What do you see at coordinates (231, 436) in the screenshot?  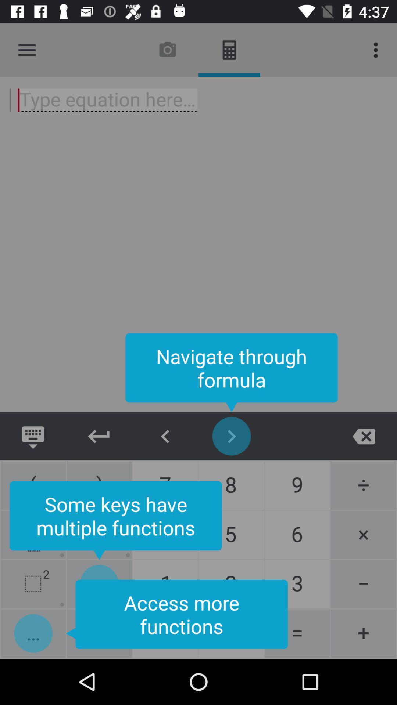 I see `move right in formula` at bounding box center [231, 436].